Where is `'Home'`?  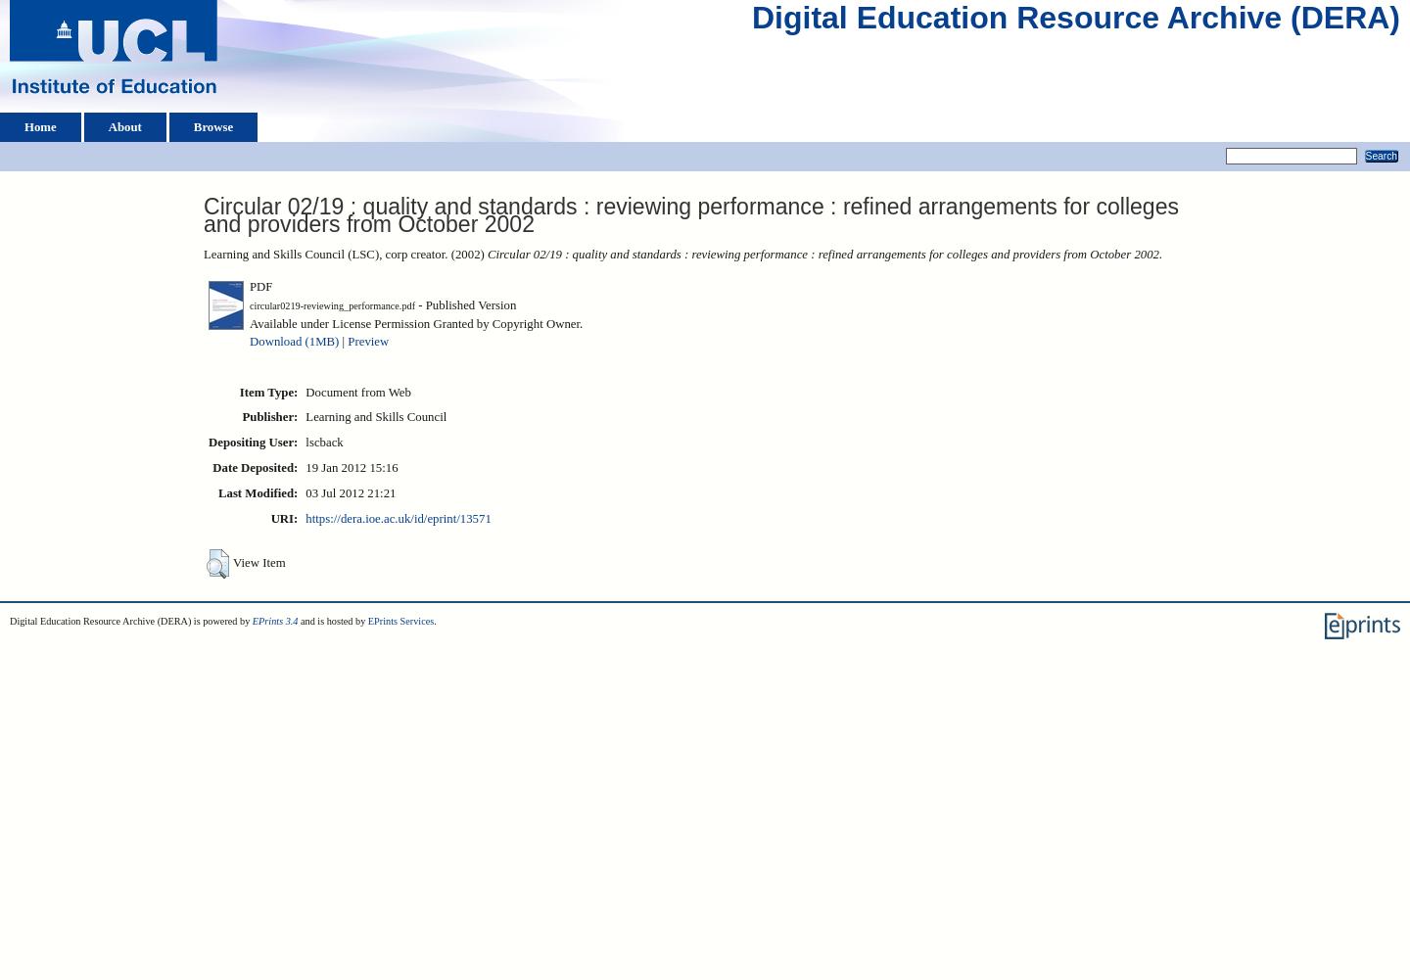 'Home' is located at coordinates (39, 126).